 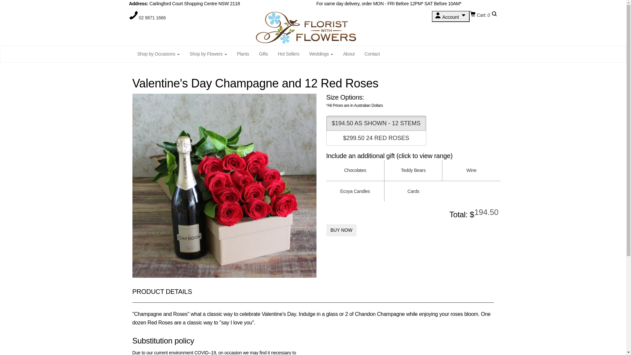 I want to click on 'Gifts', so click(x=263, y=54).